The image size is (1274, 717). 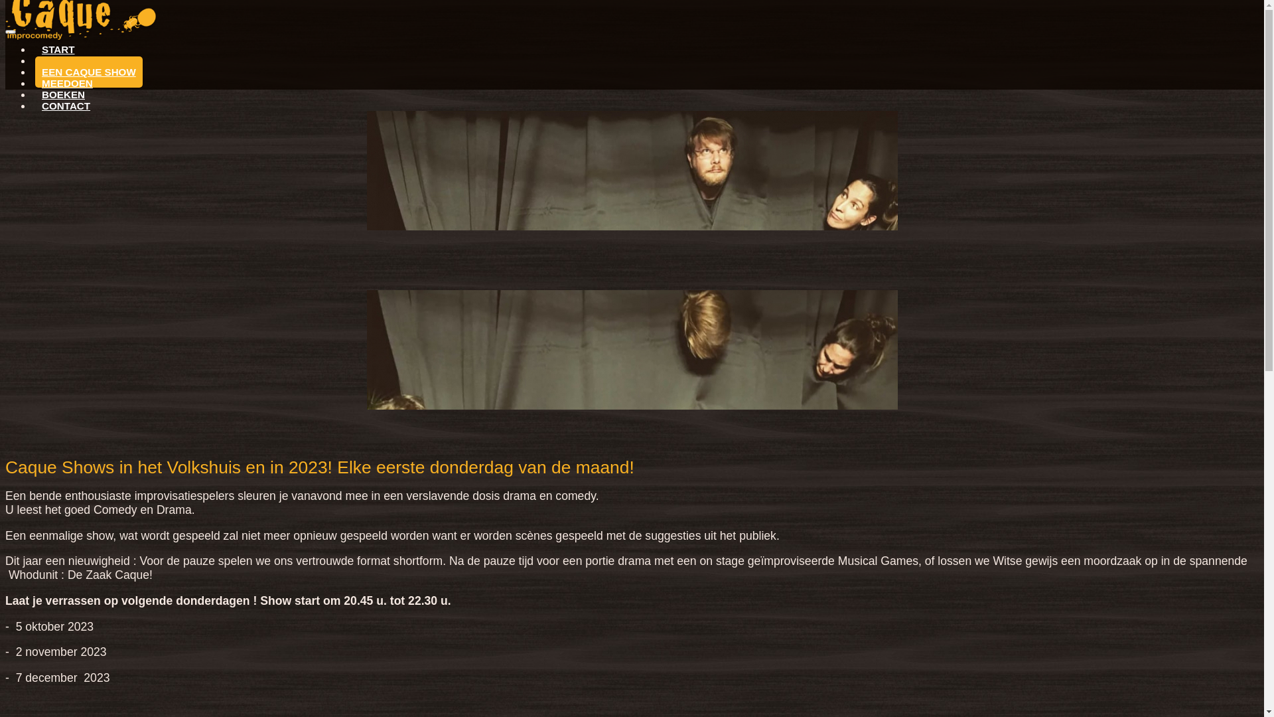 What do you see at coordinates (88, 72) in the screenshot?
I see `'EEN CAQUE SHOW'` at bounding box center [88, 72].